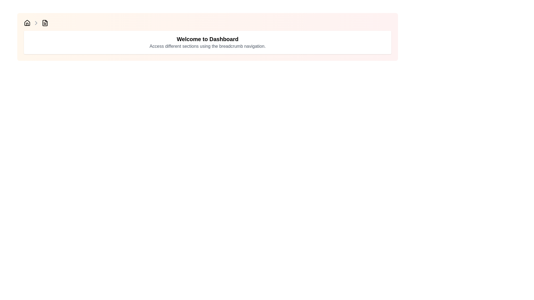 The image size is (534, 300). Describe the element at coordinates (207, 46) in the screenshot. I see `the informative text element that provides guidance about breadcrumb navigation, which is positioned beneath the 'Welcome to Dashboard' text` at that location.